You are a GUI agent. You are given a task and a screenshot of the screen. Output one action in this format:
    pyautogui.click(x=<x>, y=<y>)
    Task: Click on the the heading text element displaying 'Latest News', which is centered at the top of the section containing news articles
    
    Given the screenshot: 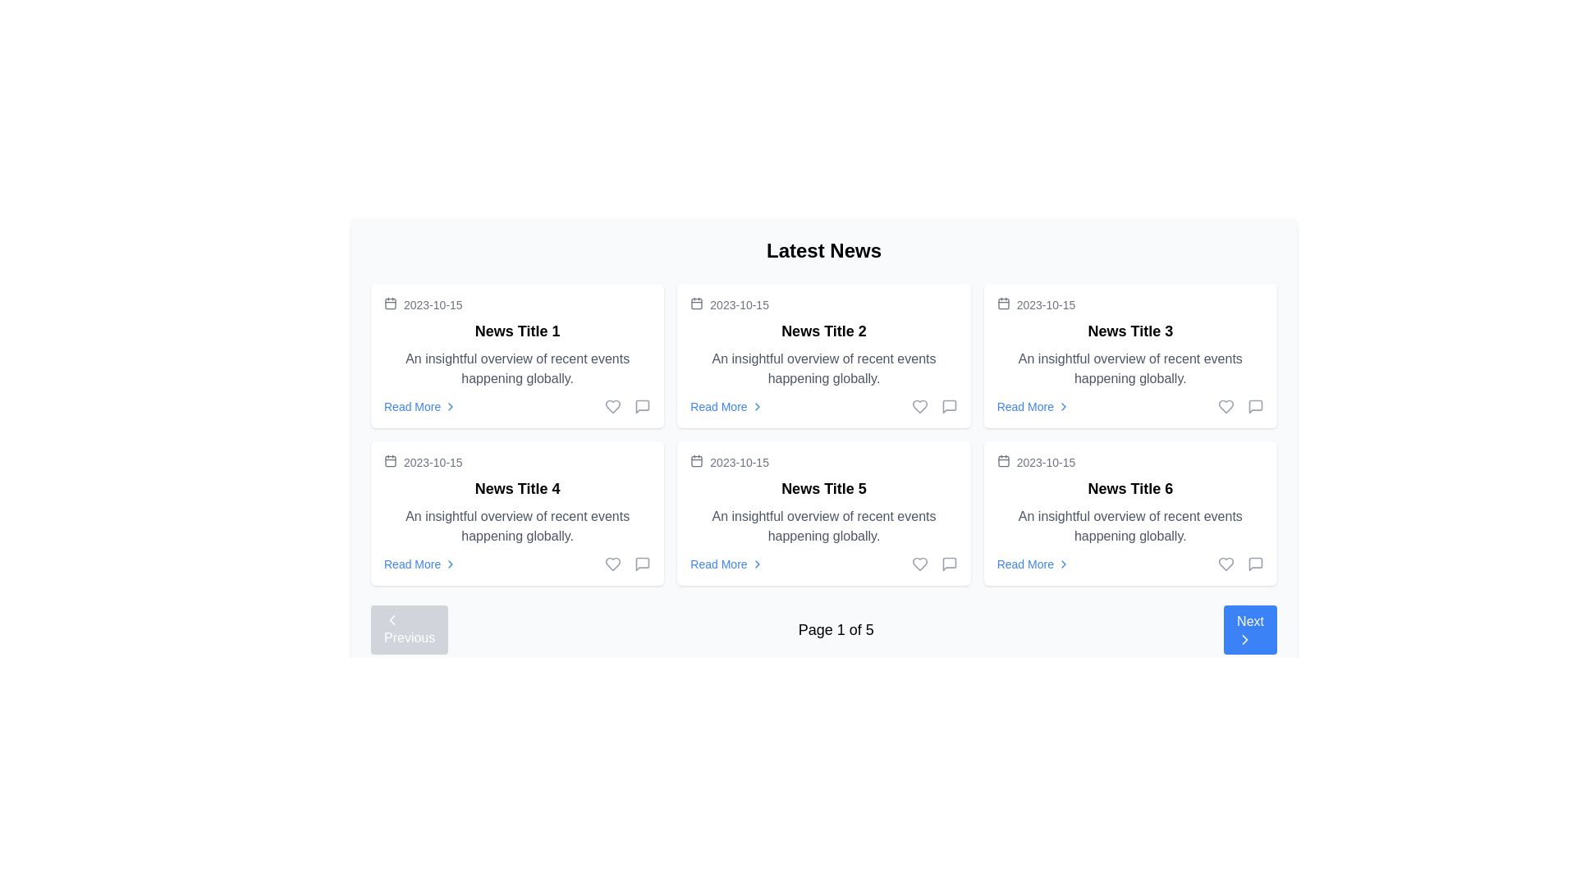 What is the action you would take?
    pyautogui.click(x=823, y=250)
    